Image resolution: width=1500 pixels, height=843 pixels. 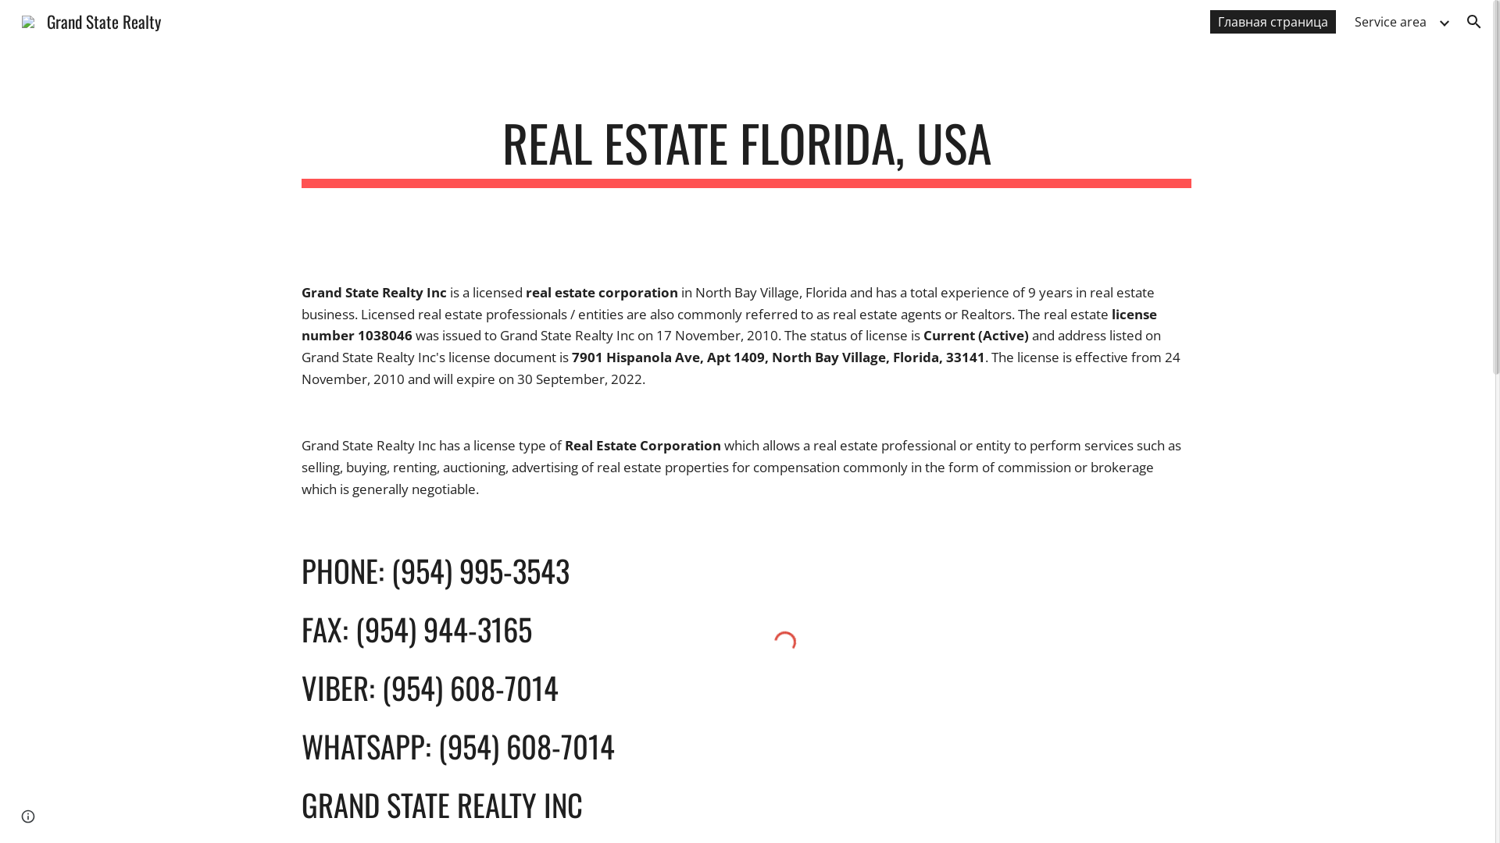 What do you see at coordinates (757, 642) in the screenshot?
I see `'Custom embed'` at bounding box center [757, 642].